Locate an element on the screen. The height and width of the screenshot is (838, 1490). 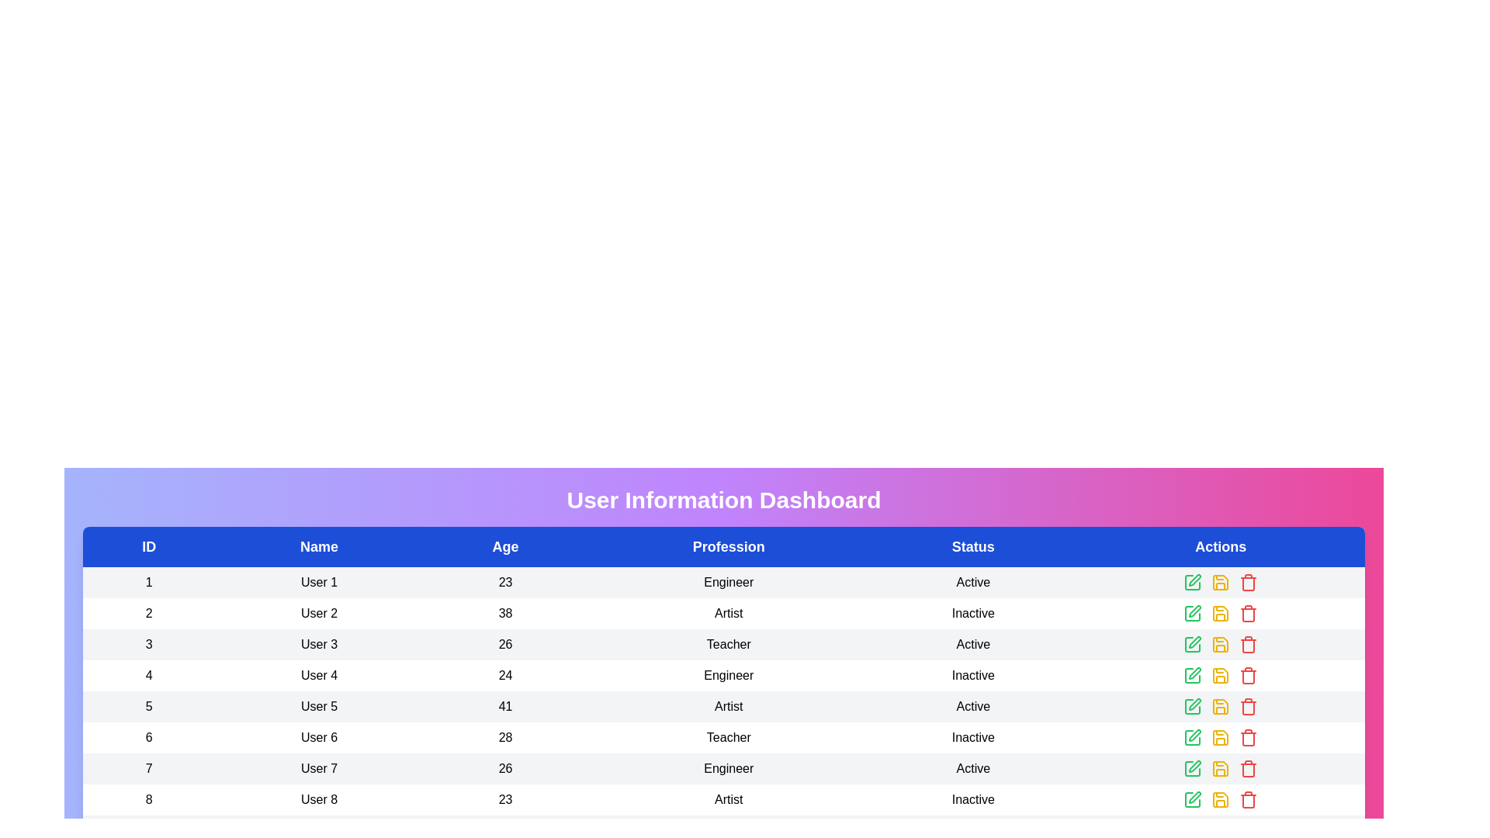
the column header labeled 'Status' to sort the table by that column is located at coordinates (972, 546).